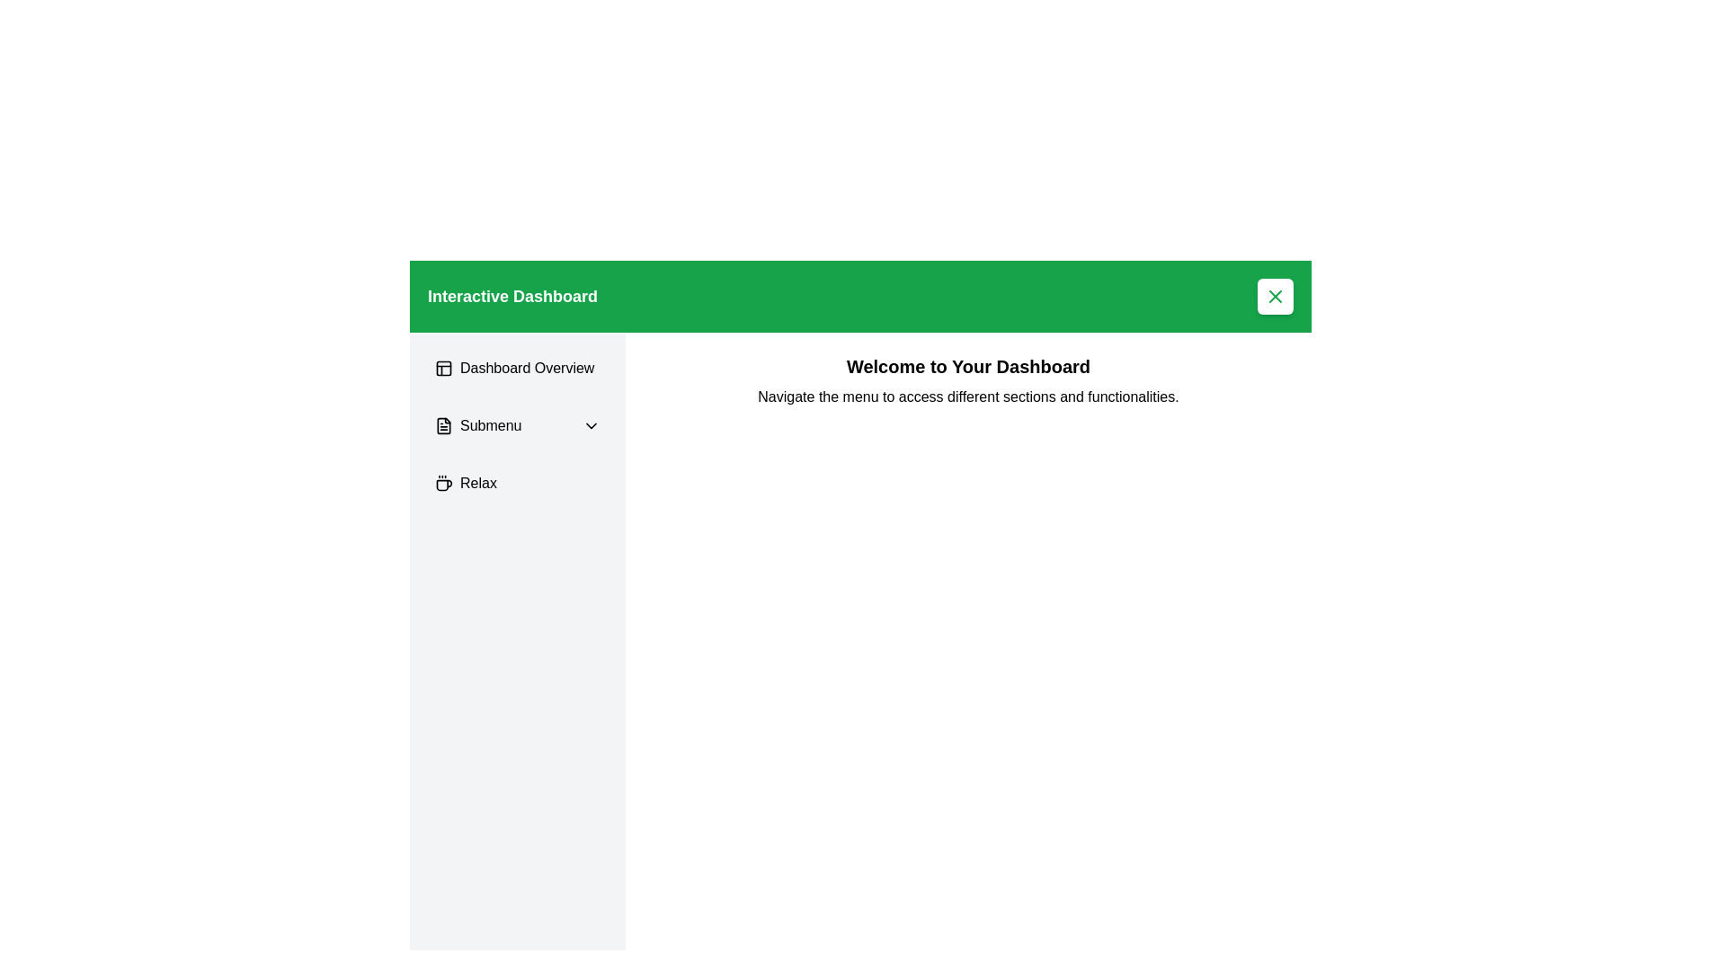 The width and height of the screenshot is (1726, 971). What do you see at coordinates (478, 426) in the screenshot?
I see `the 'Submenu' label located in the vertical navigation sidebar` at bounding box center [478, 426].